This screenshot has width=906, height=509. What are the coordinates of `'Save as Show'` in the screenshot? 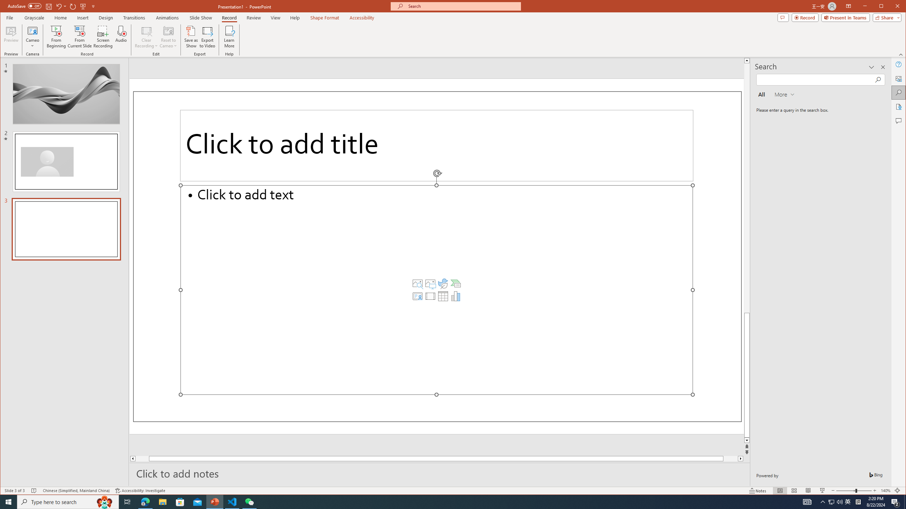 It's located at (191, 36).